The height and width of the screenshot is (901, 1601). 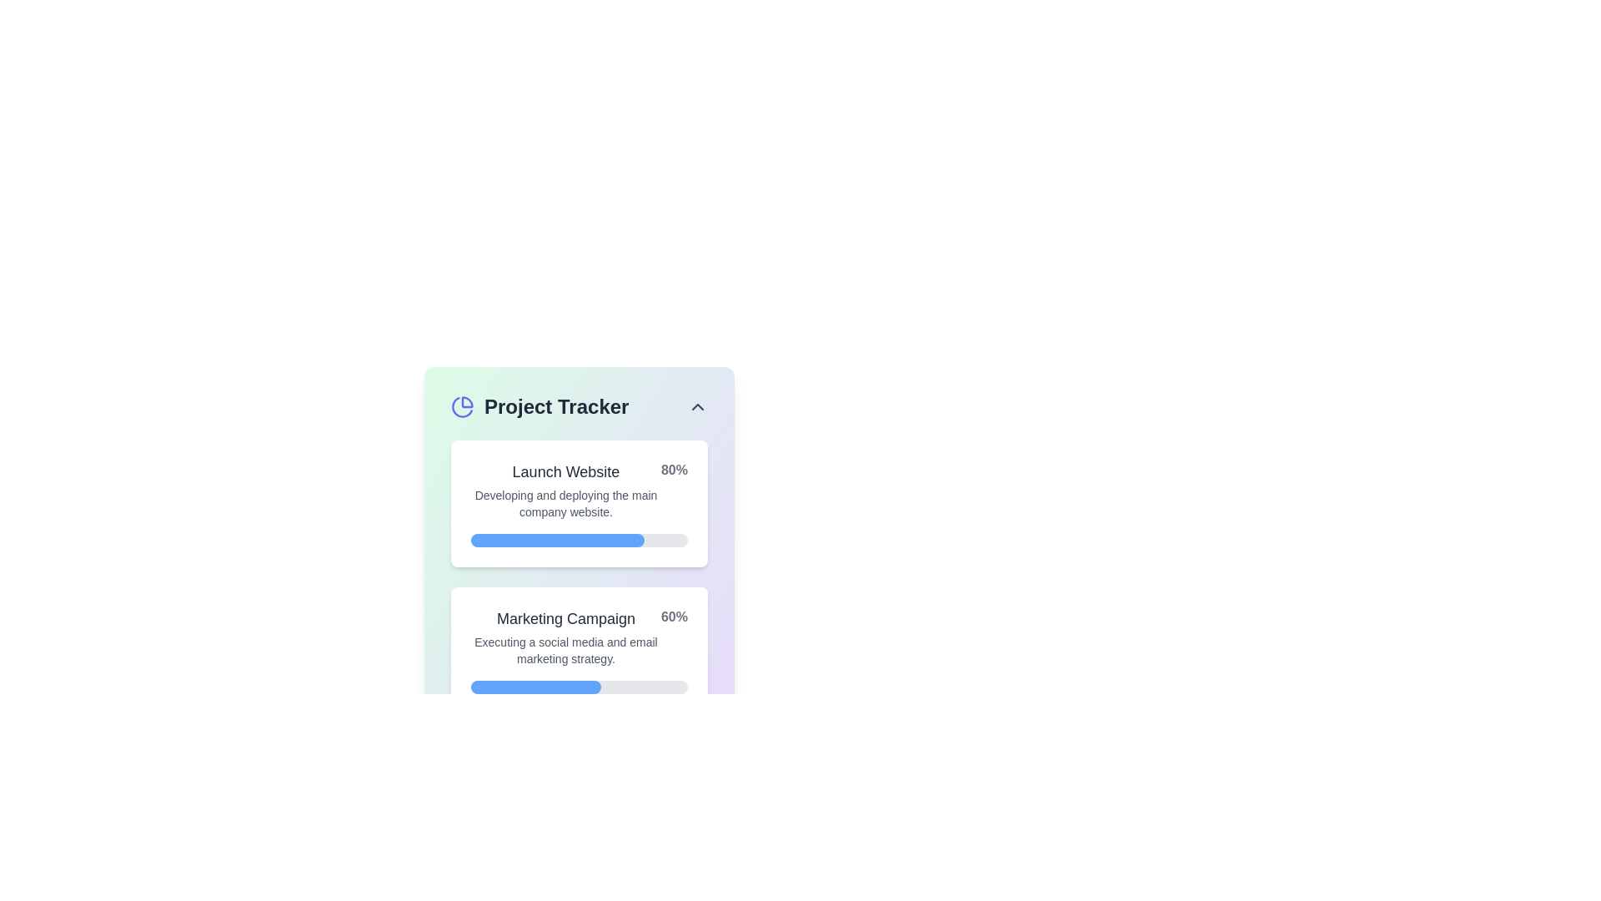 I want to click on the interactive icon located at the top-right corner of the 'Project Tracker' section, so click(x=697, y=407).